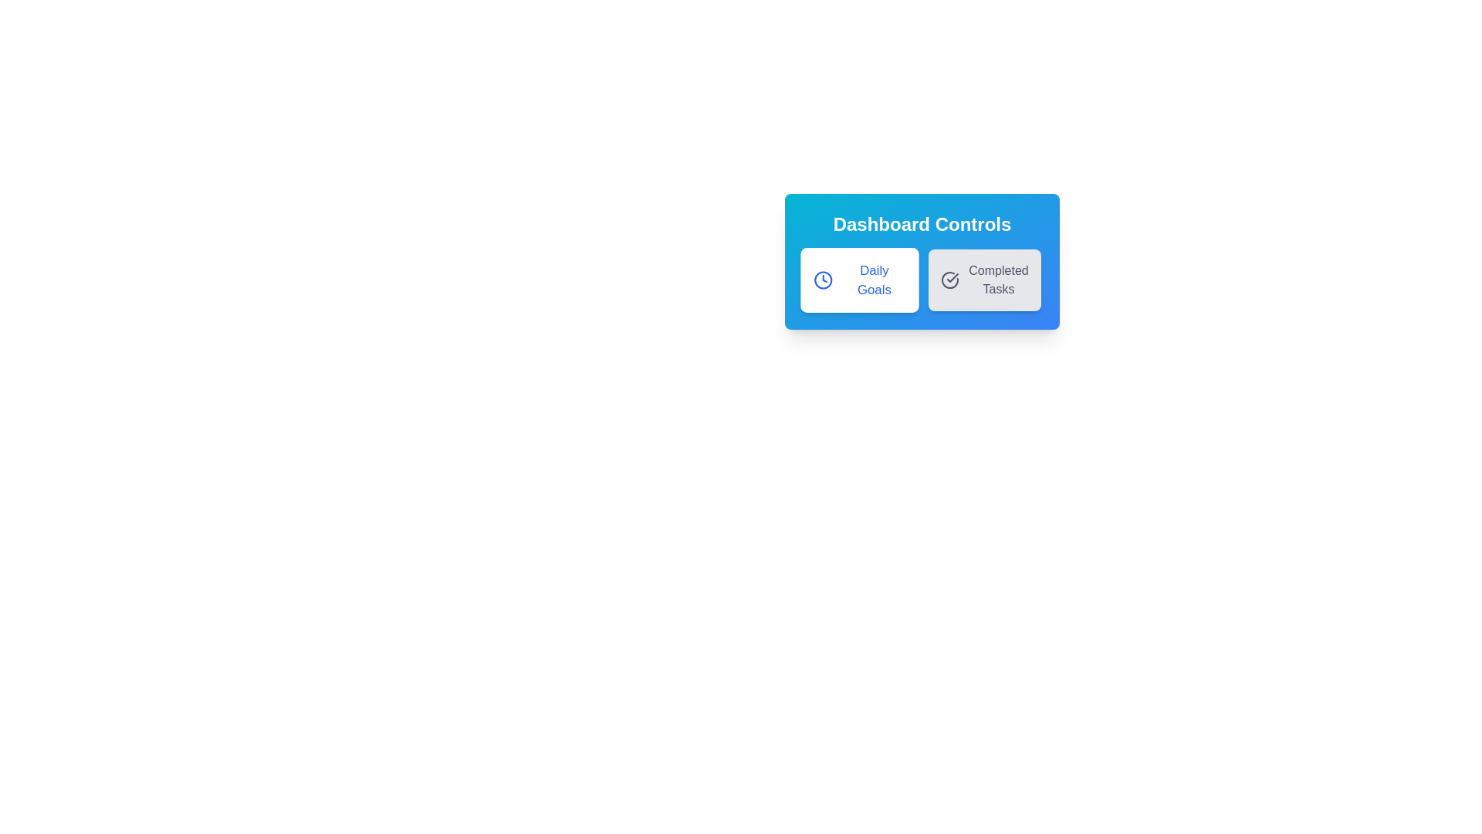 The width and height of the screenshot is (1482, 834). I want to click on the 'Completed Tasks' button, which is a clickable rectangular box with a light gray background, rounded corners, and an icon of a circular arrow enclosing a checkmark, so click(984, 280).